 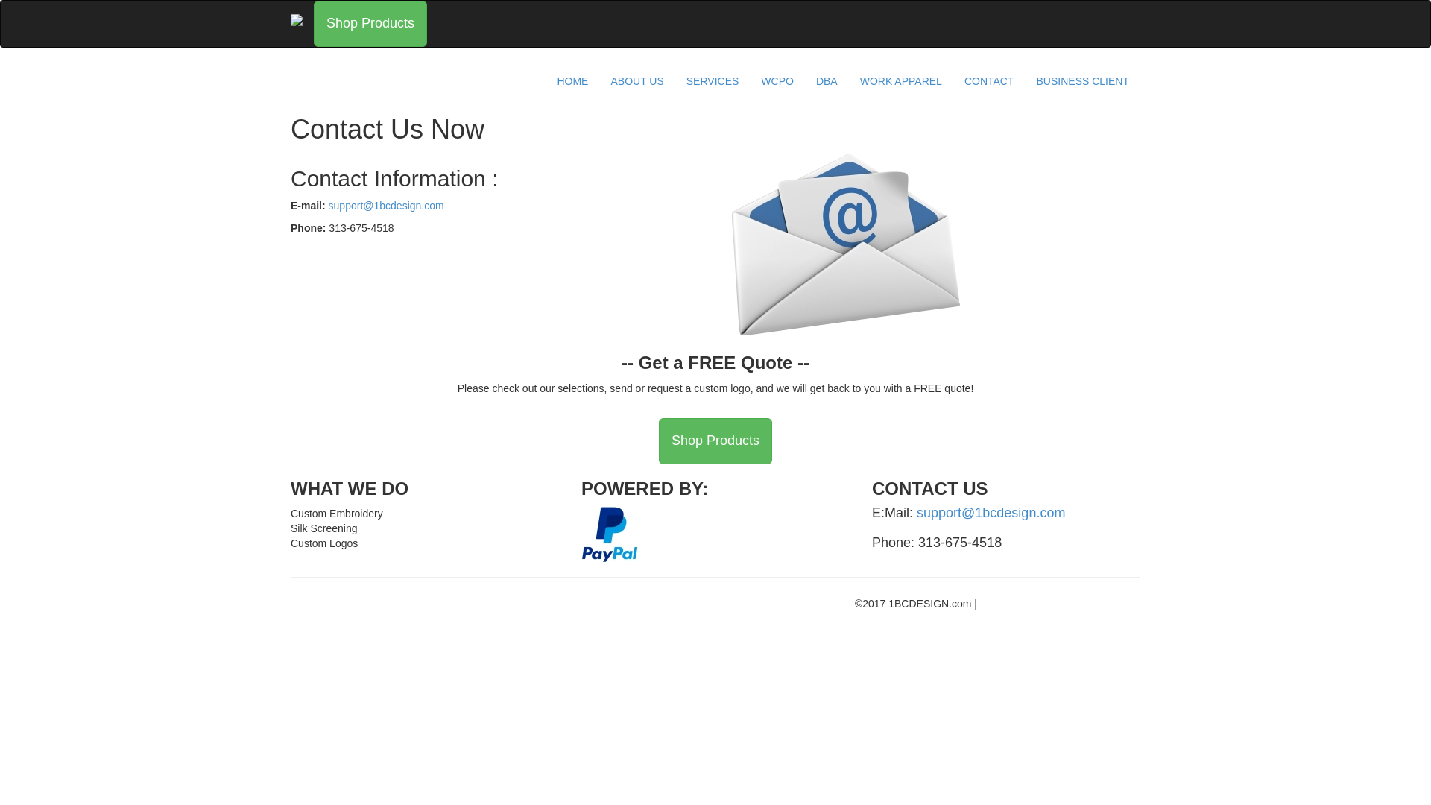 I want to click on 'support@1bcdesign.com', so click(x=991, y=511).